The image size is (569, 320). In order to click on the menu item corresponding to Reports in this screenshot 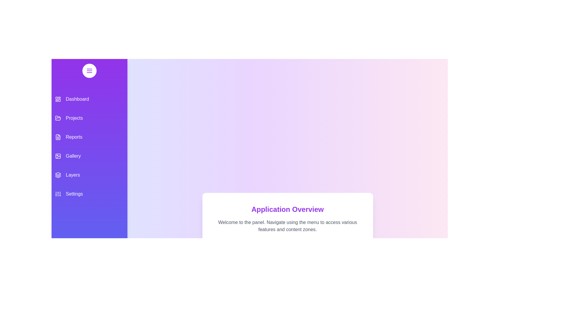, I will do `click(89, 137)`.